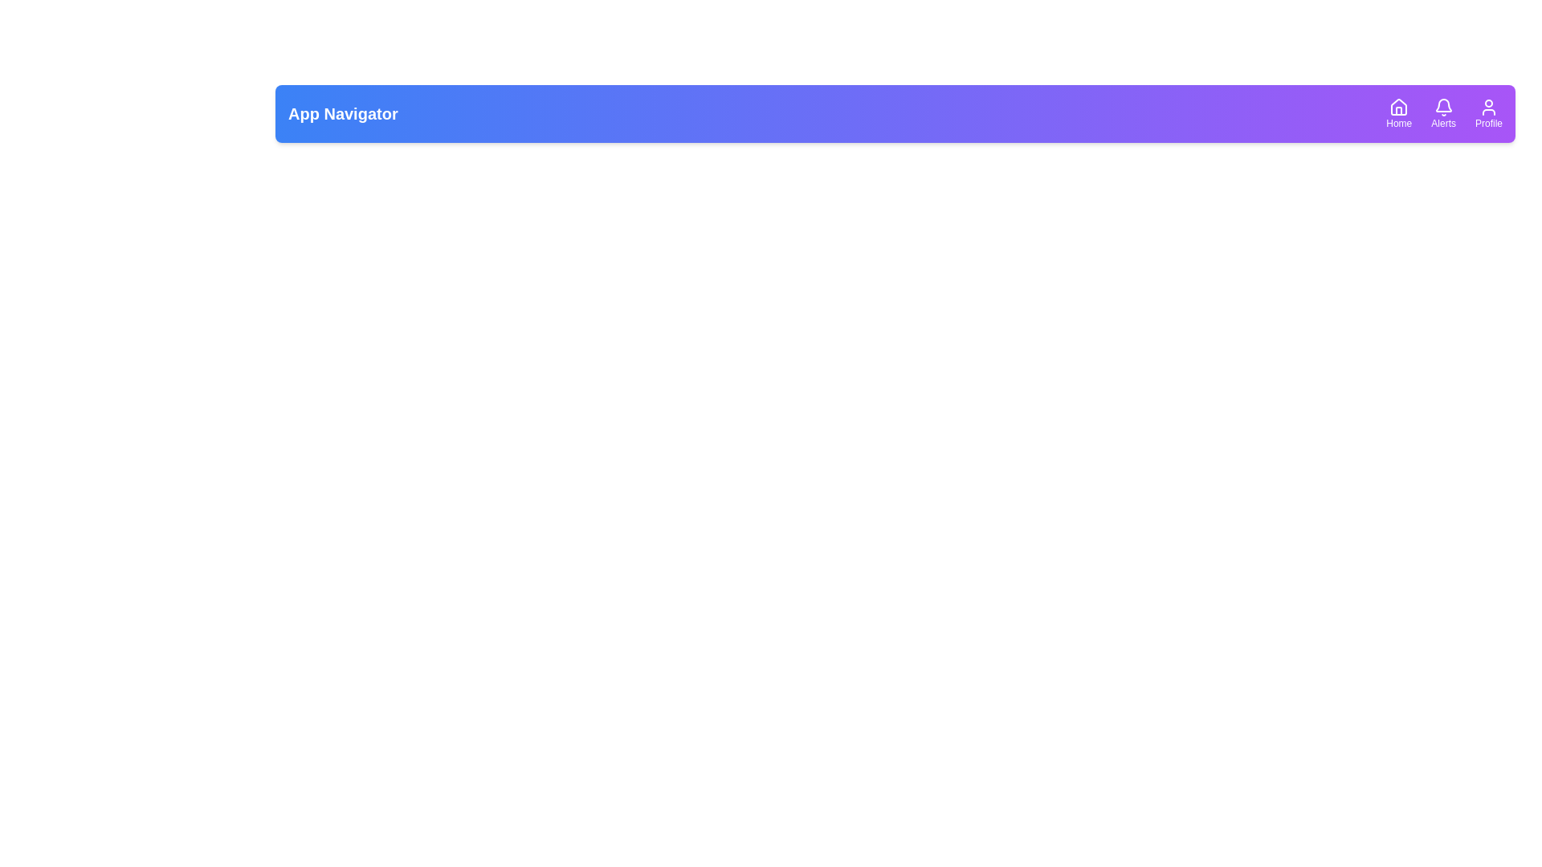 The image size is (1542, 867). Describe the element at coordinates (1398, 123) in the screenshot. I see `text label that serves as a description for the home navigation icon, located on the far-right side of the page below the house icon` at that location.